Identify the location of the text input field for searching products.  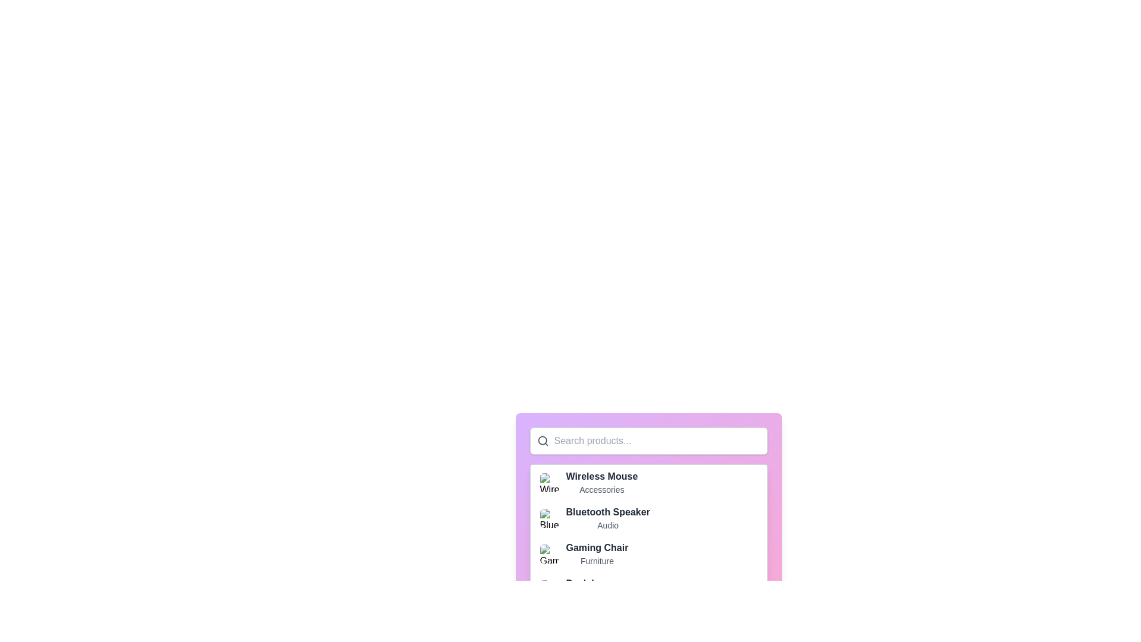
(648, 440).